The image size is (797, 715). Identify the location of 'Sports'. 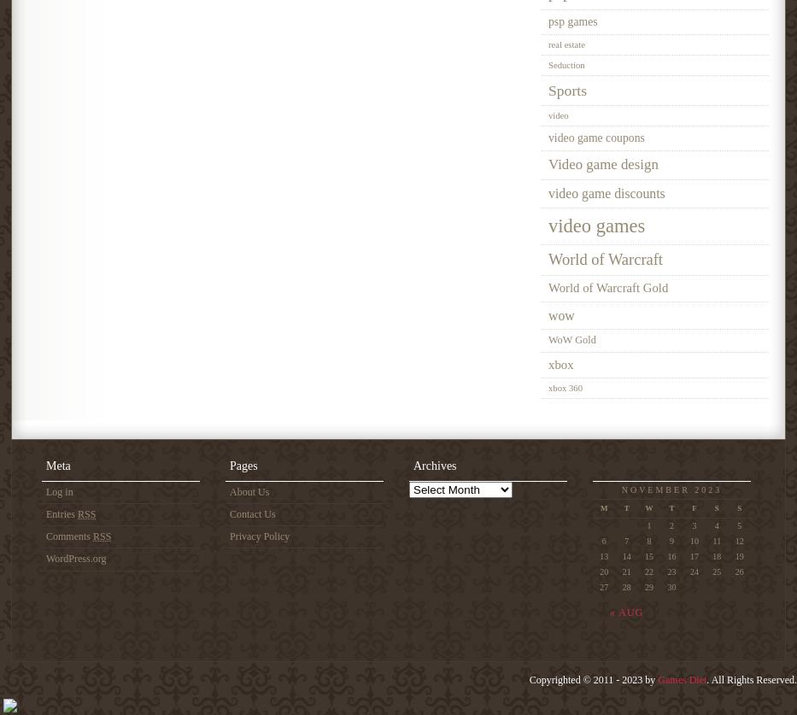
(566, 90).